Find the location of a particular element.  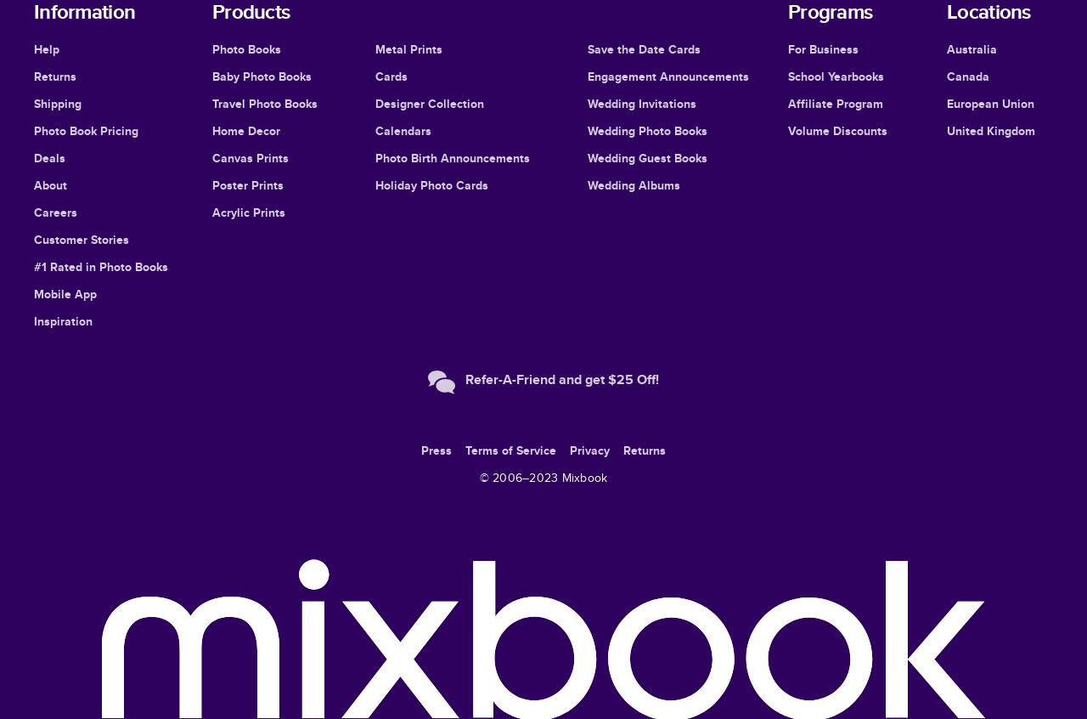

'Shipping' is located at coordinates (57, 103).